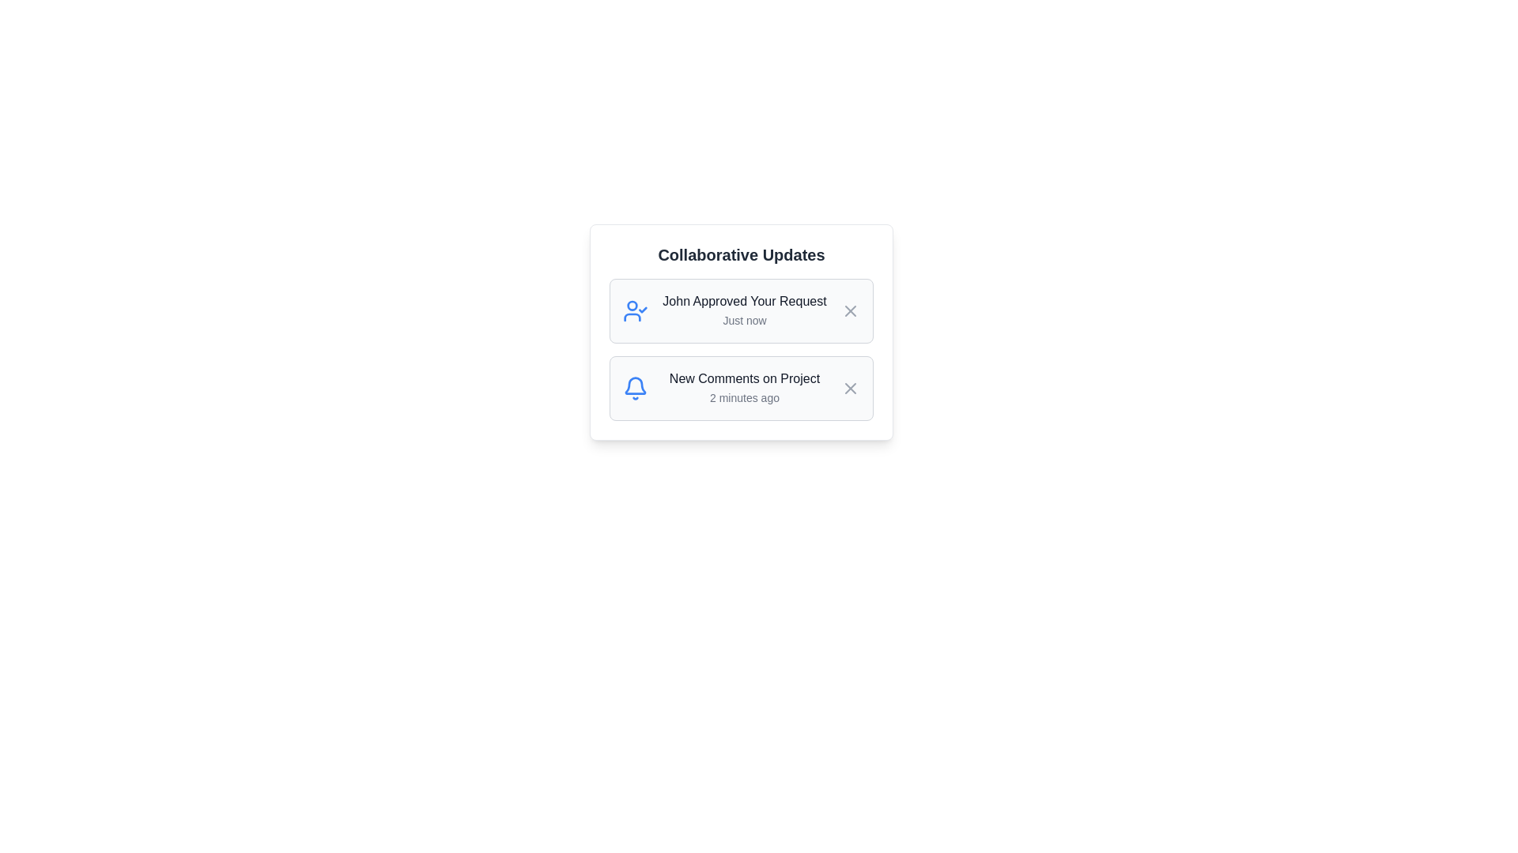 This screenshot has height=853, width=1518. Describe the element at coordinates (743, 397) in the screenshot. I see `the Text Label that informs the user about the time elapsed since the event 'New Comments on Project', located inside the second notification block under 'Collaborative Updates'` at that location.